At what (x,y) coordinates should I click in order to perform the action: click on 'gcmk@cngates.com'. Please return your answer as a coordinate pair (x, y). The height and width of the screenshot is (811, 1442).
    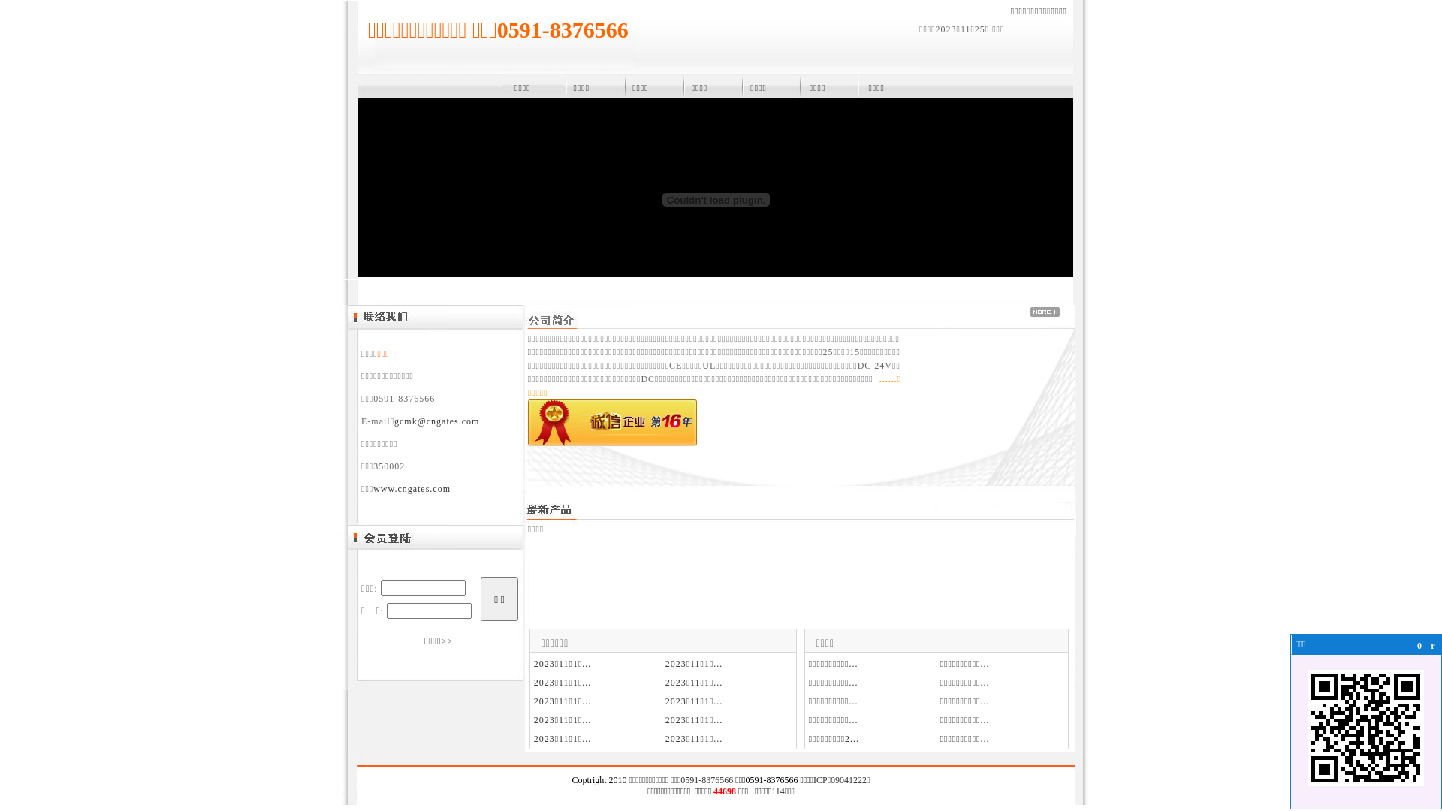
    Looking at the image, I should click on (436, 421).